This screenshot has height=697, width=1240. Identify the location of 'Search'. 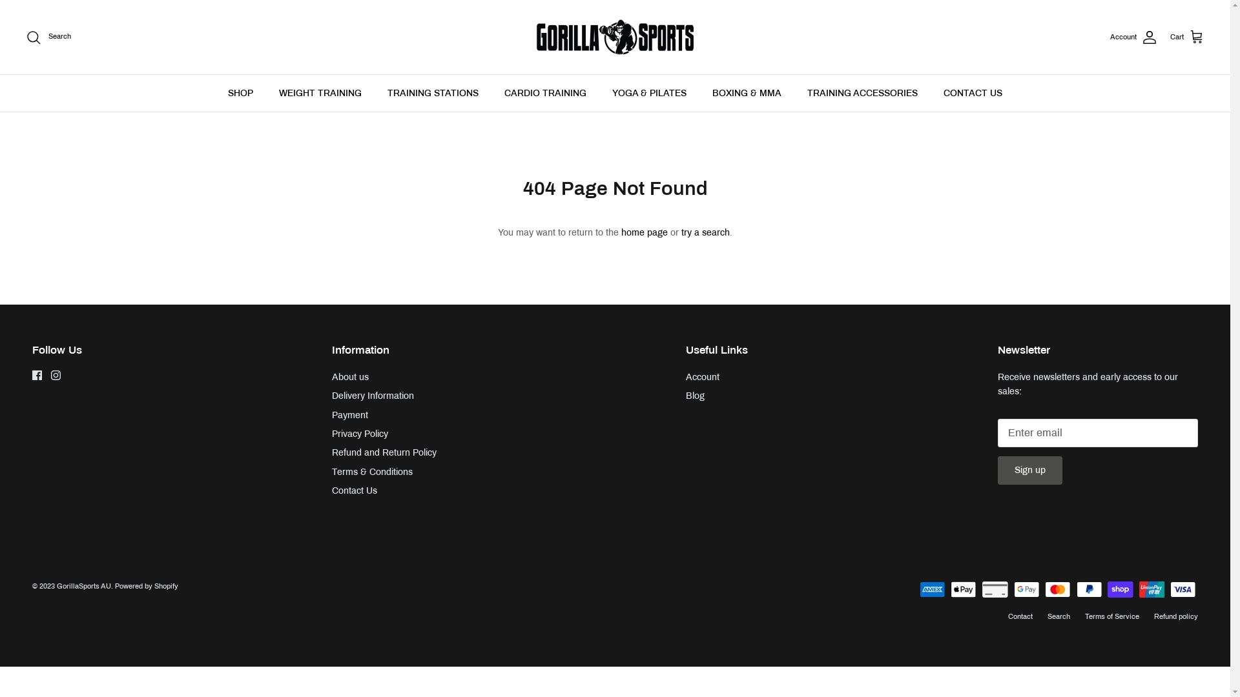
(25, 36).